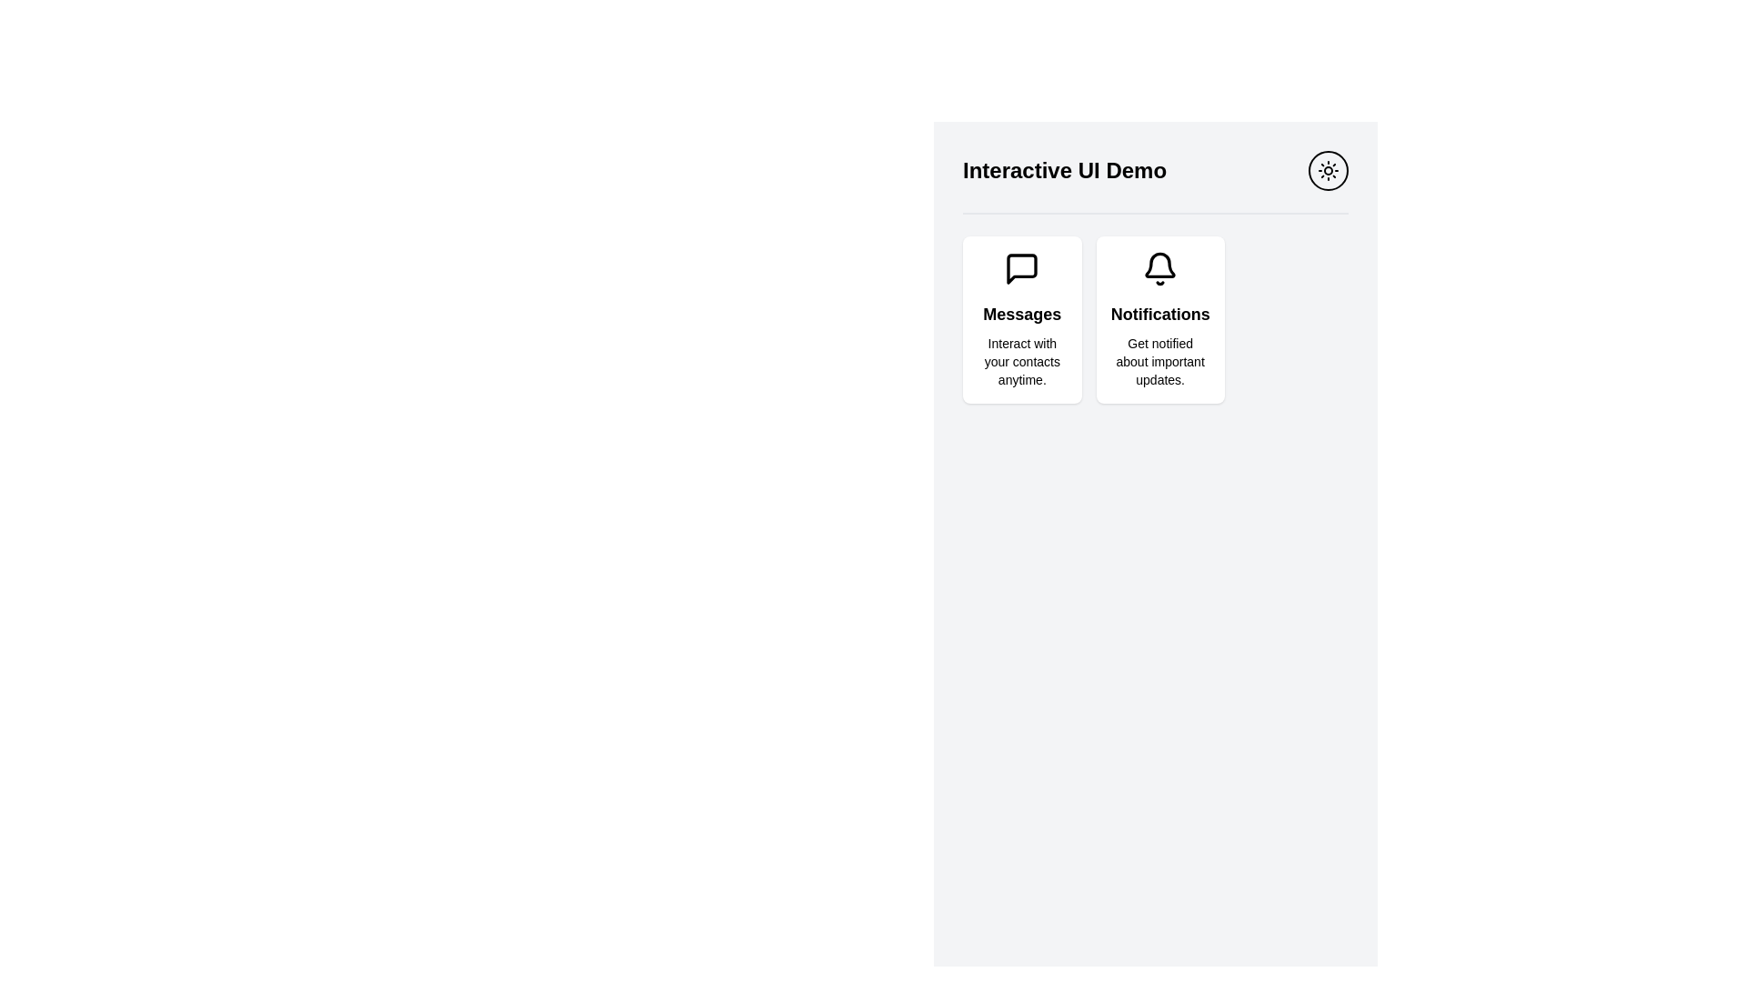 Image resolution: width=1746 pixels, height=982 pixels. What do you see at coordinates (1022, 269) in the screenshot?
I see `the speech bubble icon at the top of the 'Messages' card, which has a minimalistic design with a rectangular tail pointing downward` at bounding box center [1022, 269].